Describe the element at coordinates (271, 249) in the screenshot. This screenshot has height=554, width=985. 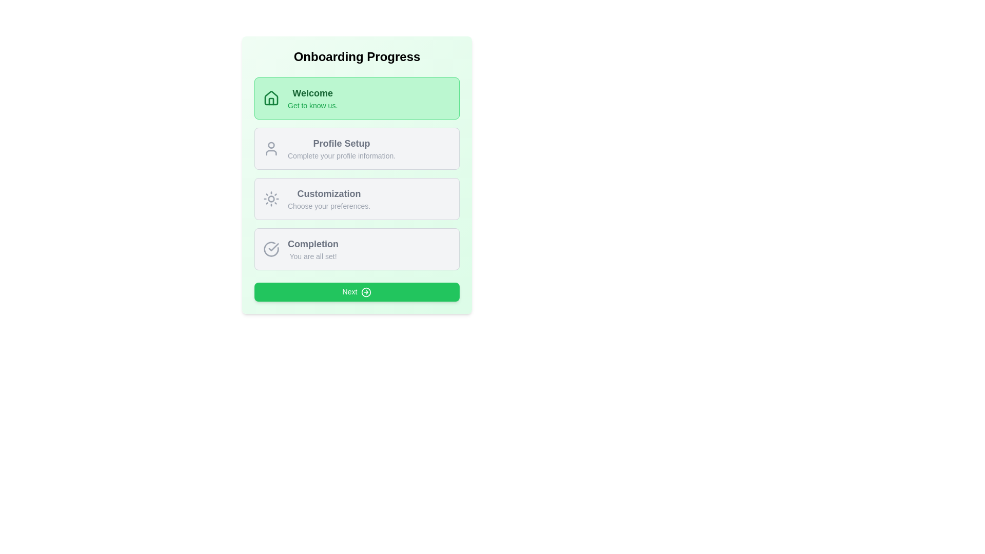
I see `the checkmark icon within the 'Completion' card, which is located below 'Customization' and above the 'Next' button` at that location.